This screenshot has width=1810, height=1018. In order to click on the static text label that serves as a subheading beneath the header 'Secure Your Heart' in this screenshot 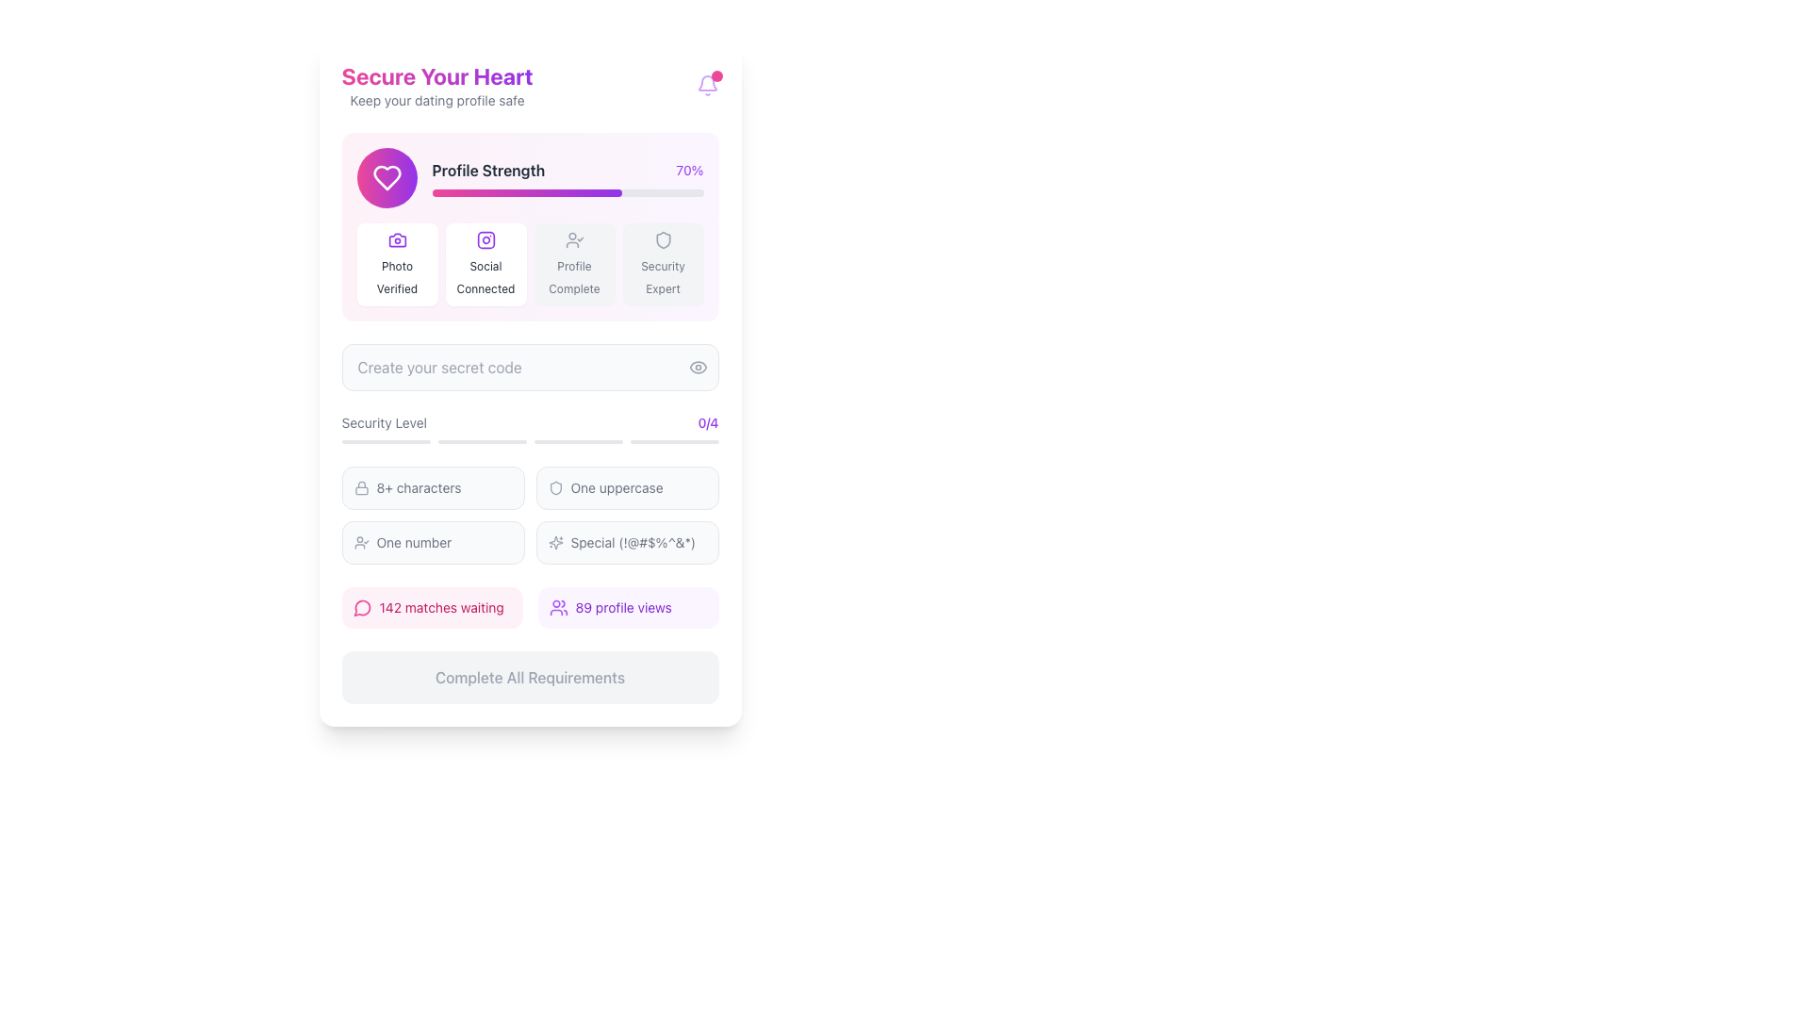, I will do `click(436, 101)`.